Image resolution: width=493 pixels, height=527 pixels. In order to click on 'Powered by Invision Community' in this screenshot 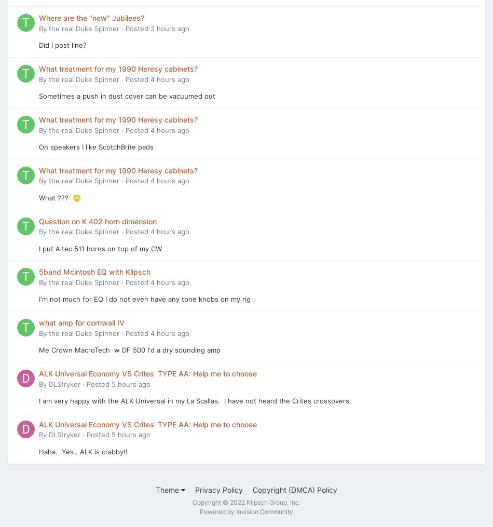, I will do `click(246, 511)`.